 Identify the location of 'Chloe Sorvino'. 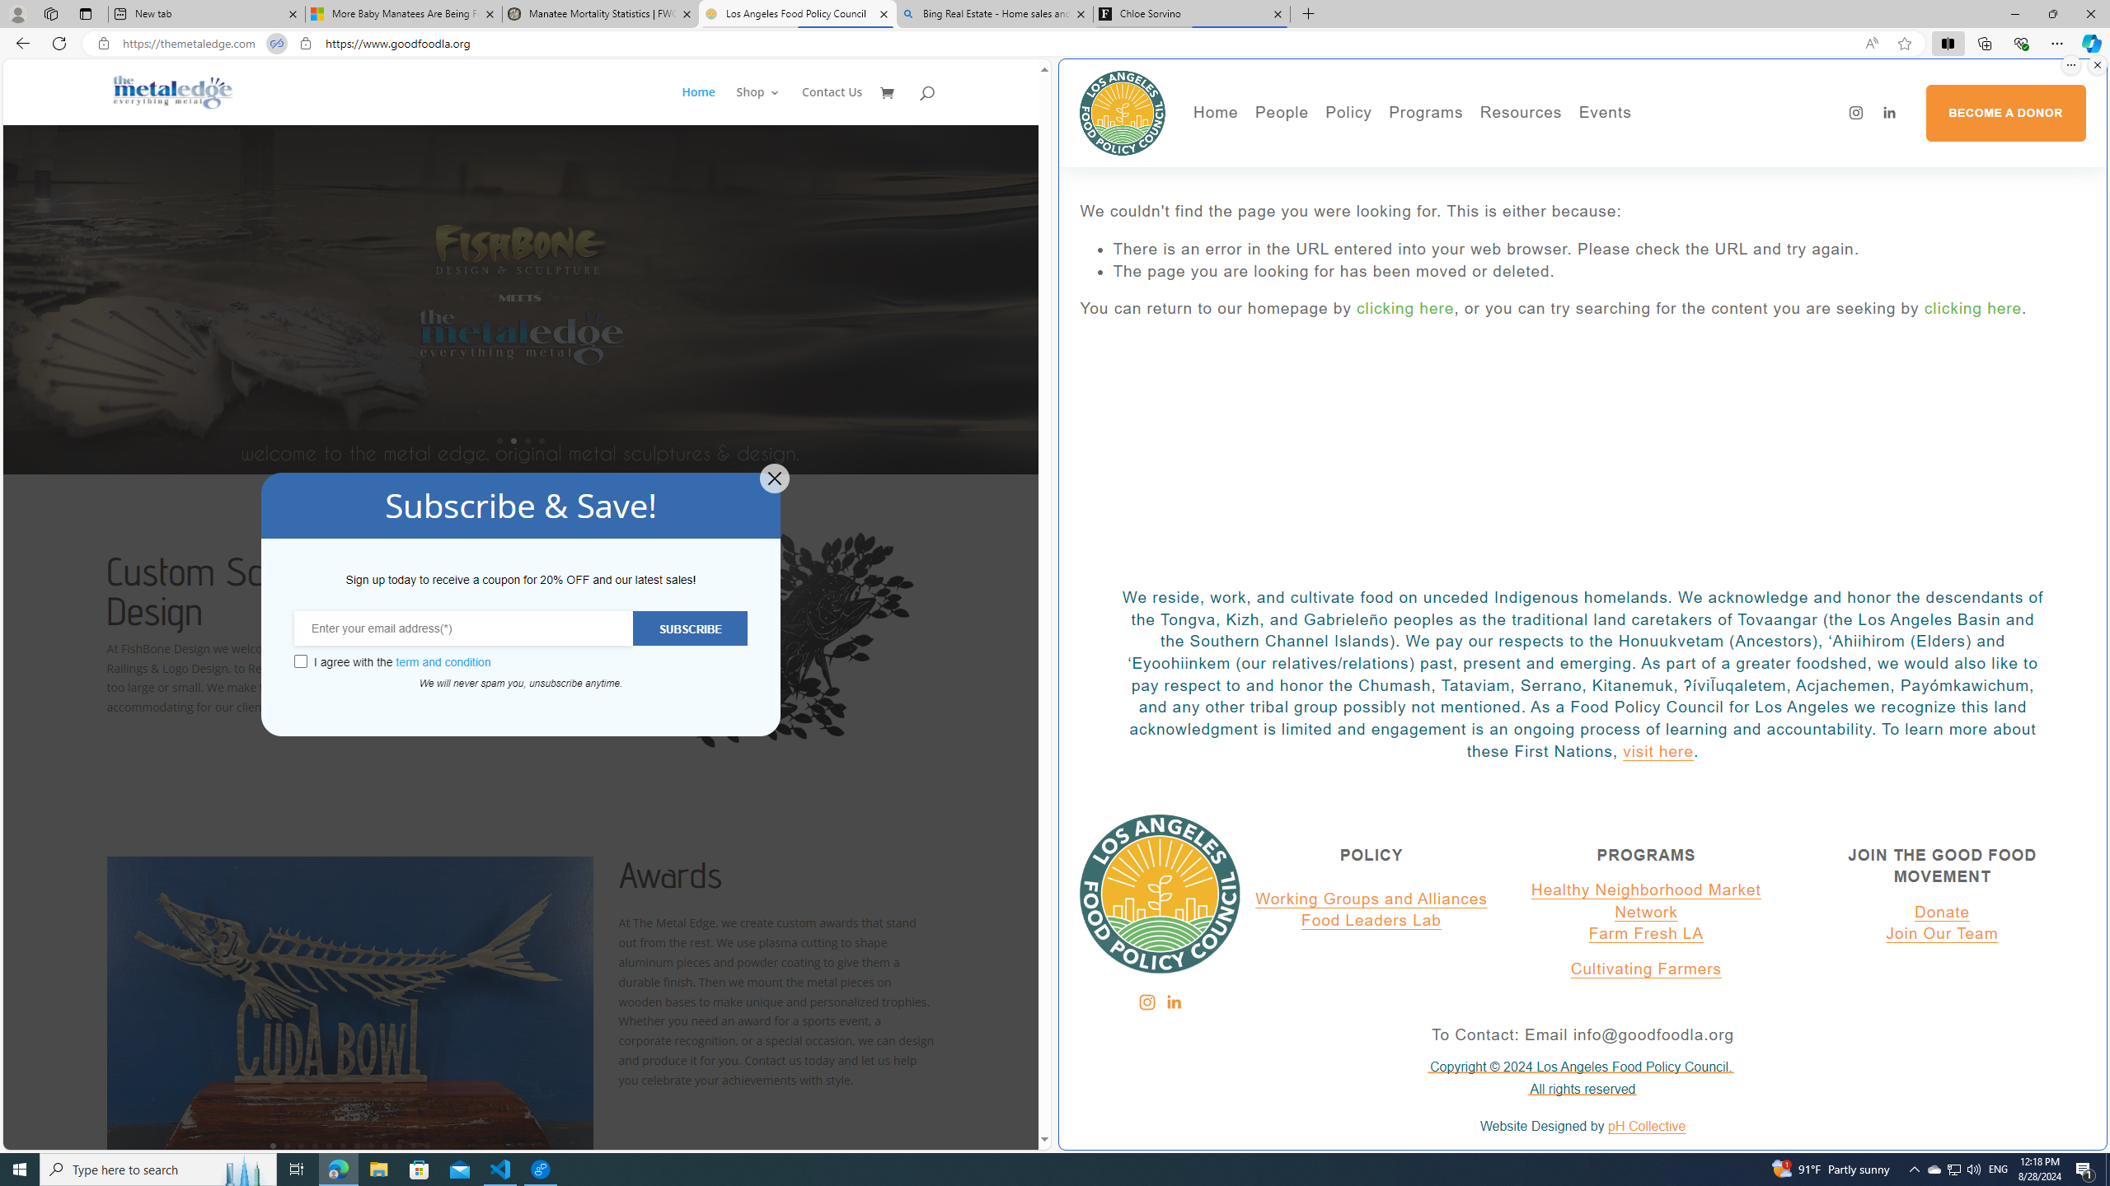
(1192, 13).